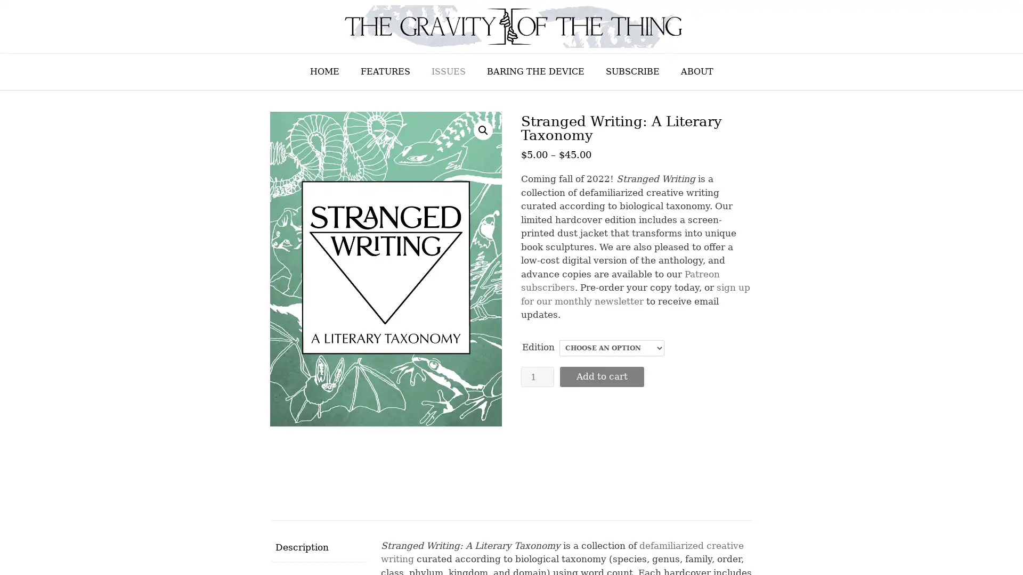 The width and height of the screenshot is (1023, 575). Describe the element at coordinates (601, 375) in the screenshot. I see `Add to cart` at that location.